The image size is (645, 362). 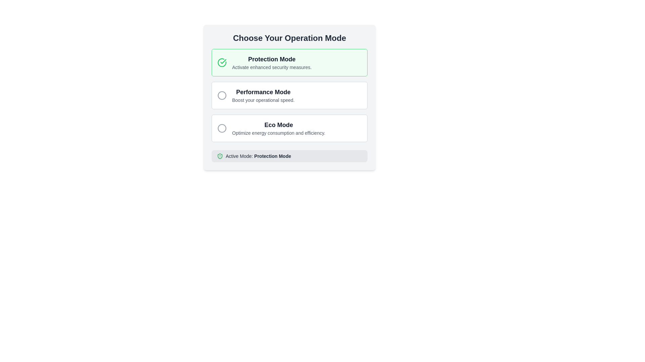 I want to click on the 'Performance Mode' selection option in the 'Choose Your Operation Mode' dialog, so click(x=290, y=96).